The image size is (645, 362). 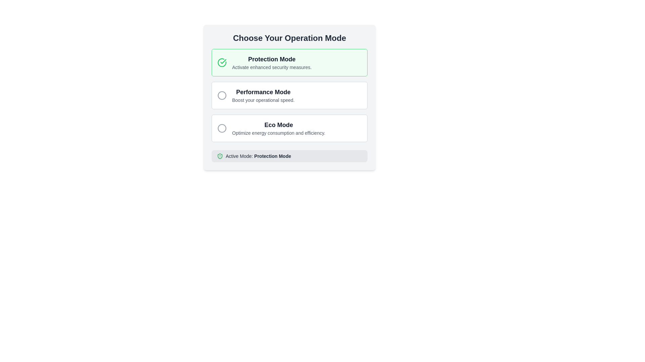 I want to click on the 'Performance Mode' selection option in the 'Choose Your Operation Mode' dialog, so click(x=290, y=96).